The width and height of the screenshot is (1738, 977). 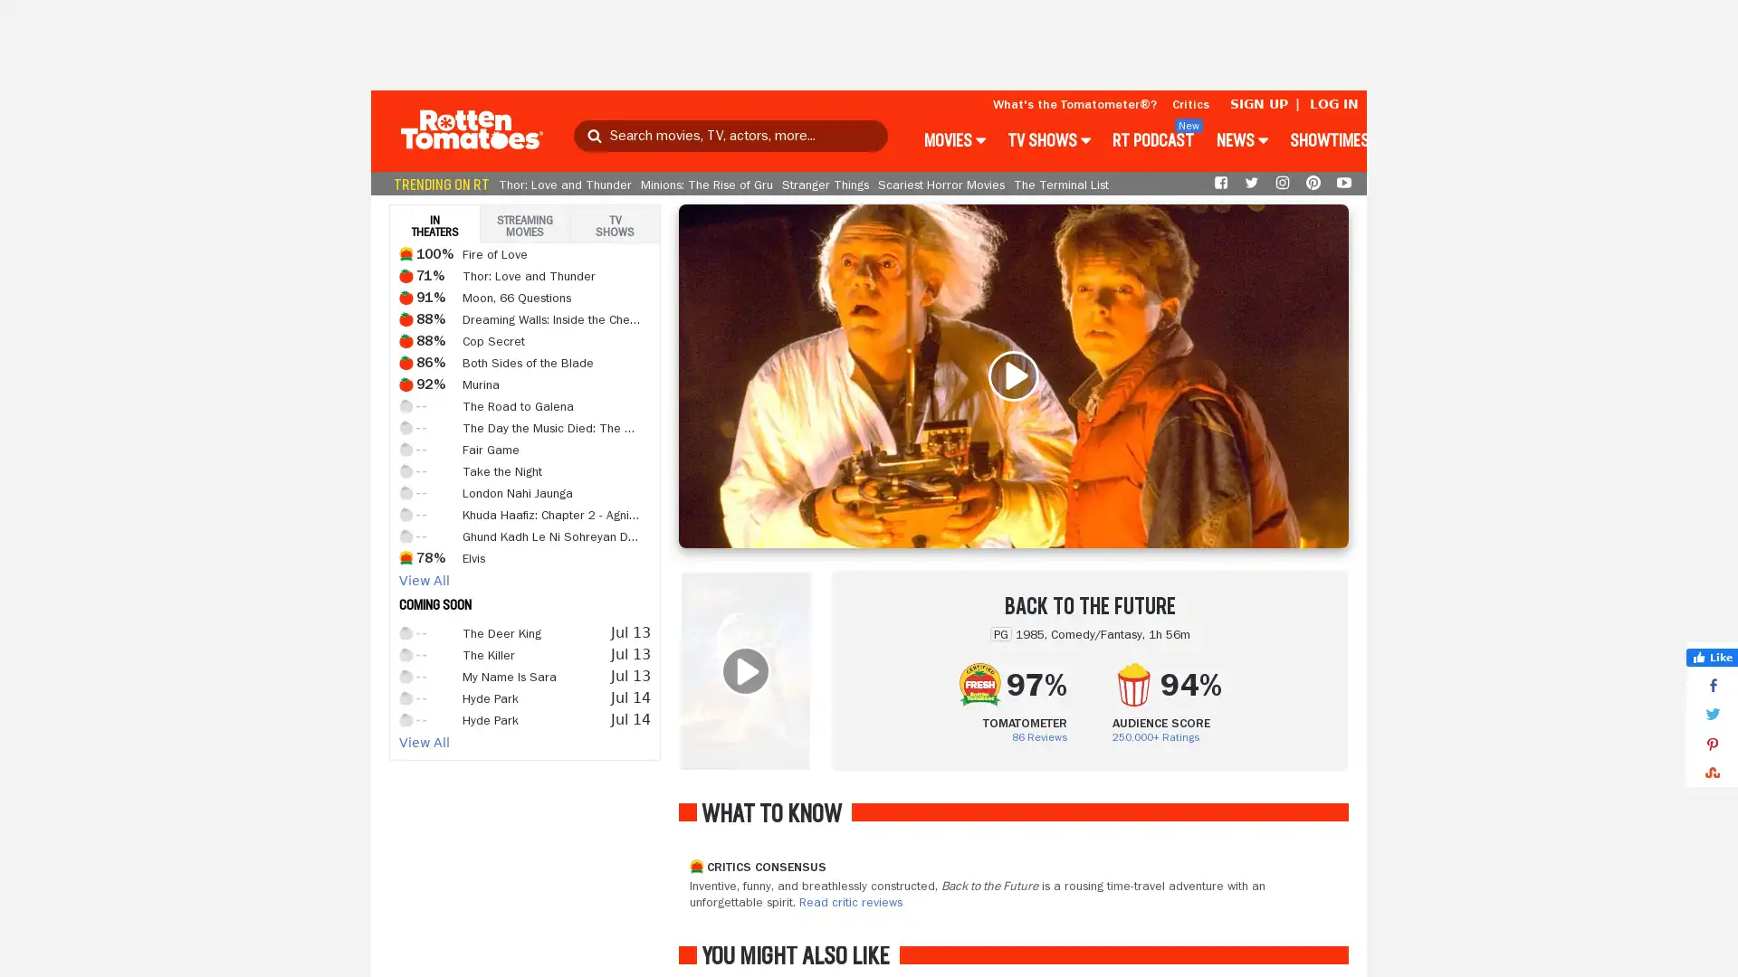 What do you see at coordinates (523, 223) in the screenshot?
I see `STREAMING MOVIES` at bounding box center [523, 223].